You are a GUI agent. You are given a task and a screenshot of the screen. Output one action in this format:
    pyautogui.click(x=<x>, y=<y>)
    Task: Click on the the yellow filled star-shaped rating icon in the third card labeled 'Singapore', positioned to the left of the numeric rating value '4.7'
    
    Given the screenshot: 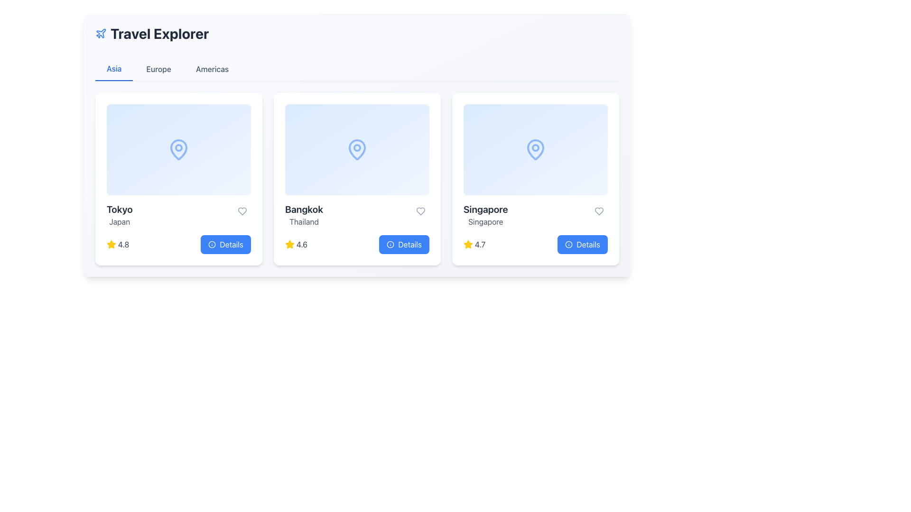 What is the action you would take?
    pyautogui.click(x=468, y=244)
    